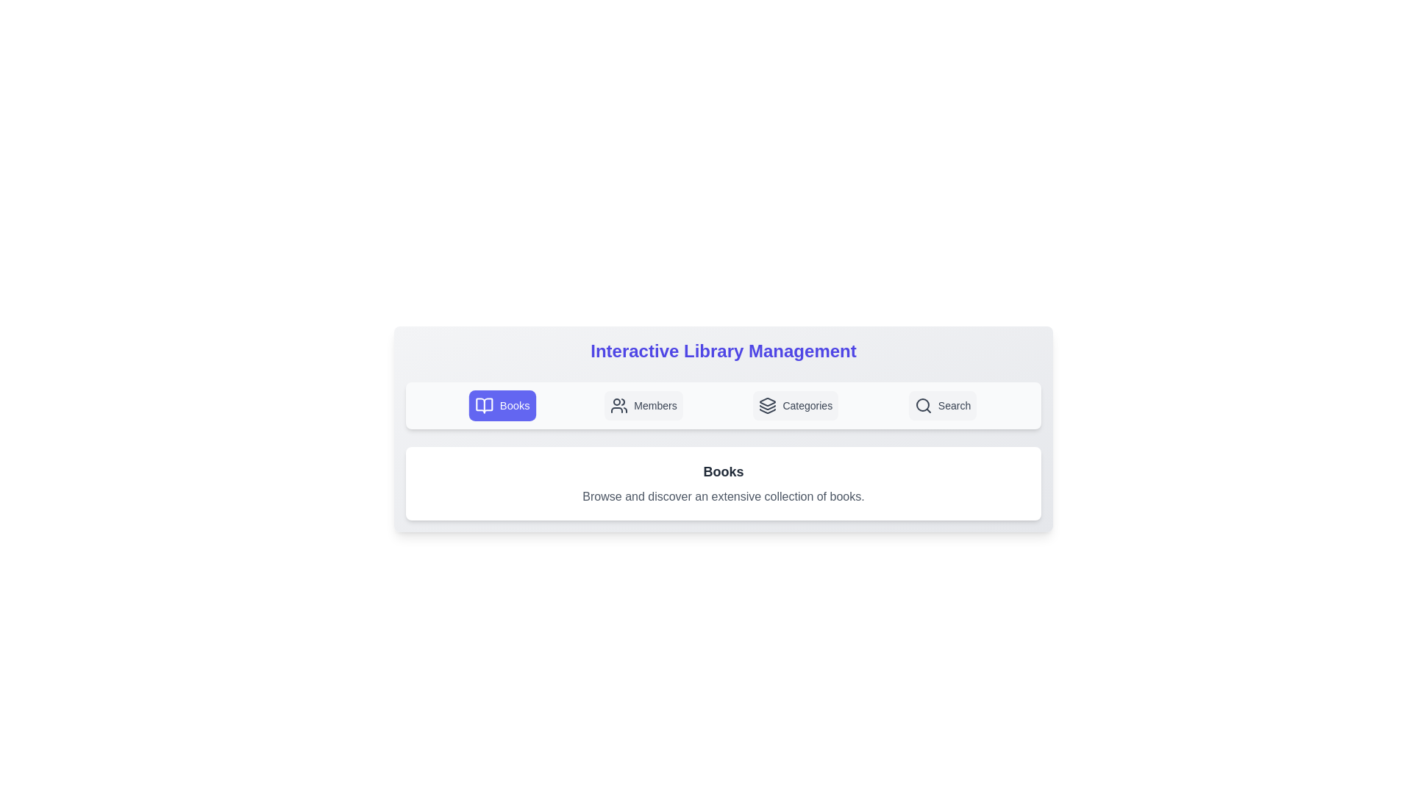  I want to click on the search icon, which is a black magnifying glass located at the top-right of the button group in the navigation bar, preceding the 'Search' label, so click(922, 405).